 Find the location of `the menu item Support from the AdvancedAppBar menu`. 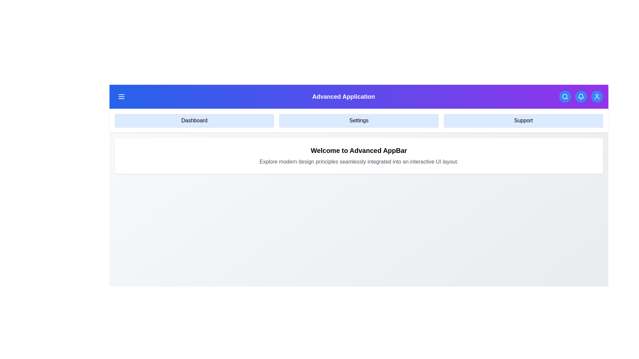

the menu item Support from the AdvancedAppBar menu is located at coordinates (523, 120).